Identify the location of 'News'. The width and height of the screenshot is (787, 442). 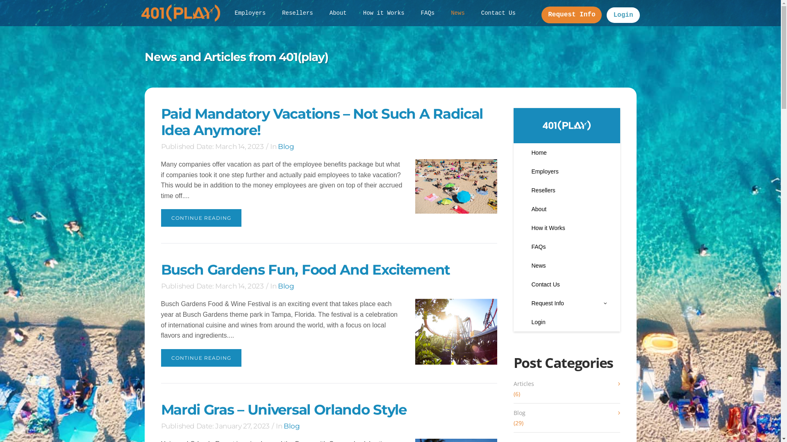
(566, 265).